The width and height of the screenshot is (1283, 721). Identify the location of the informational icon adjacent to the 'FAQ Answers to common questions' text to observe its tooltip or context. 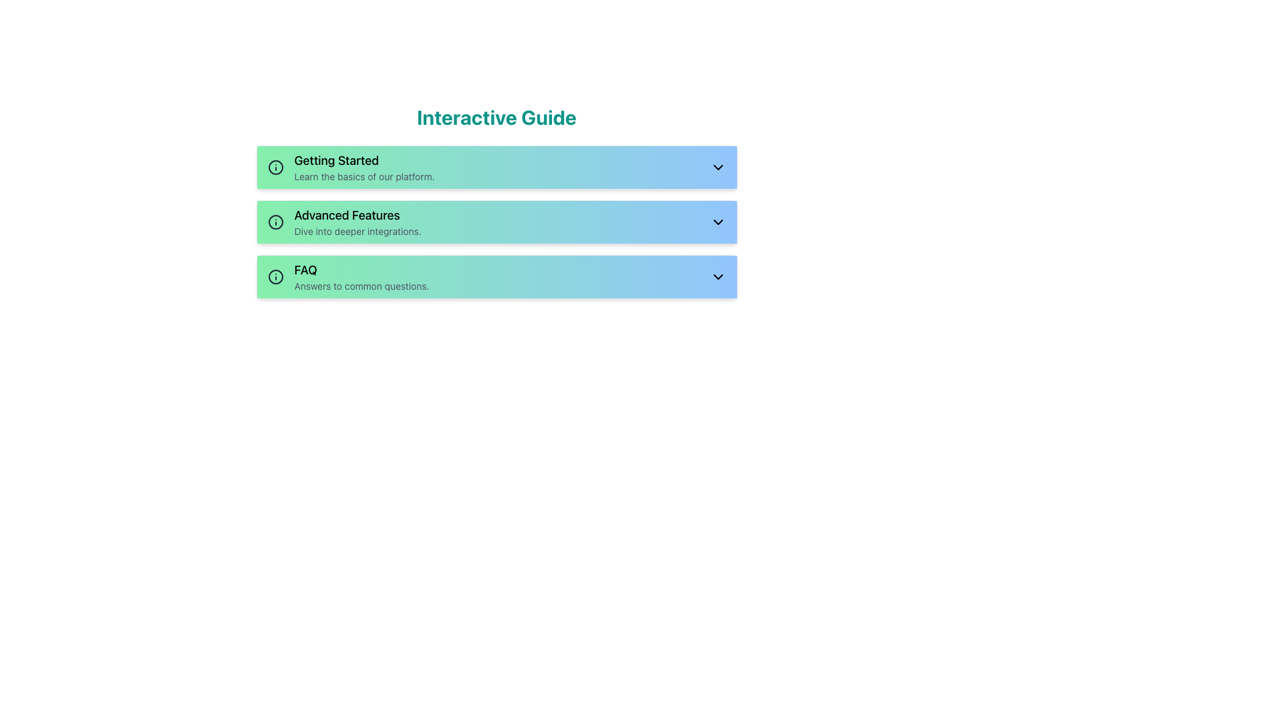
(275, 276).